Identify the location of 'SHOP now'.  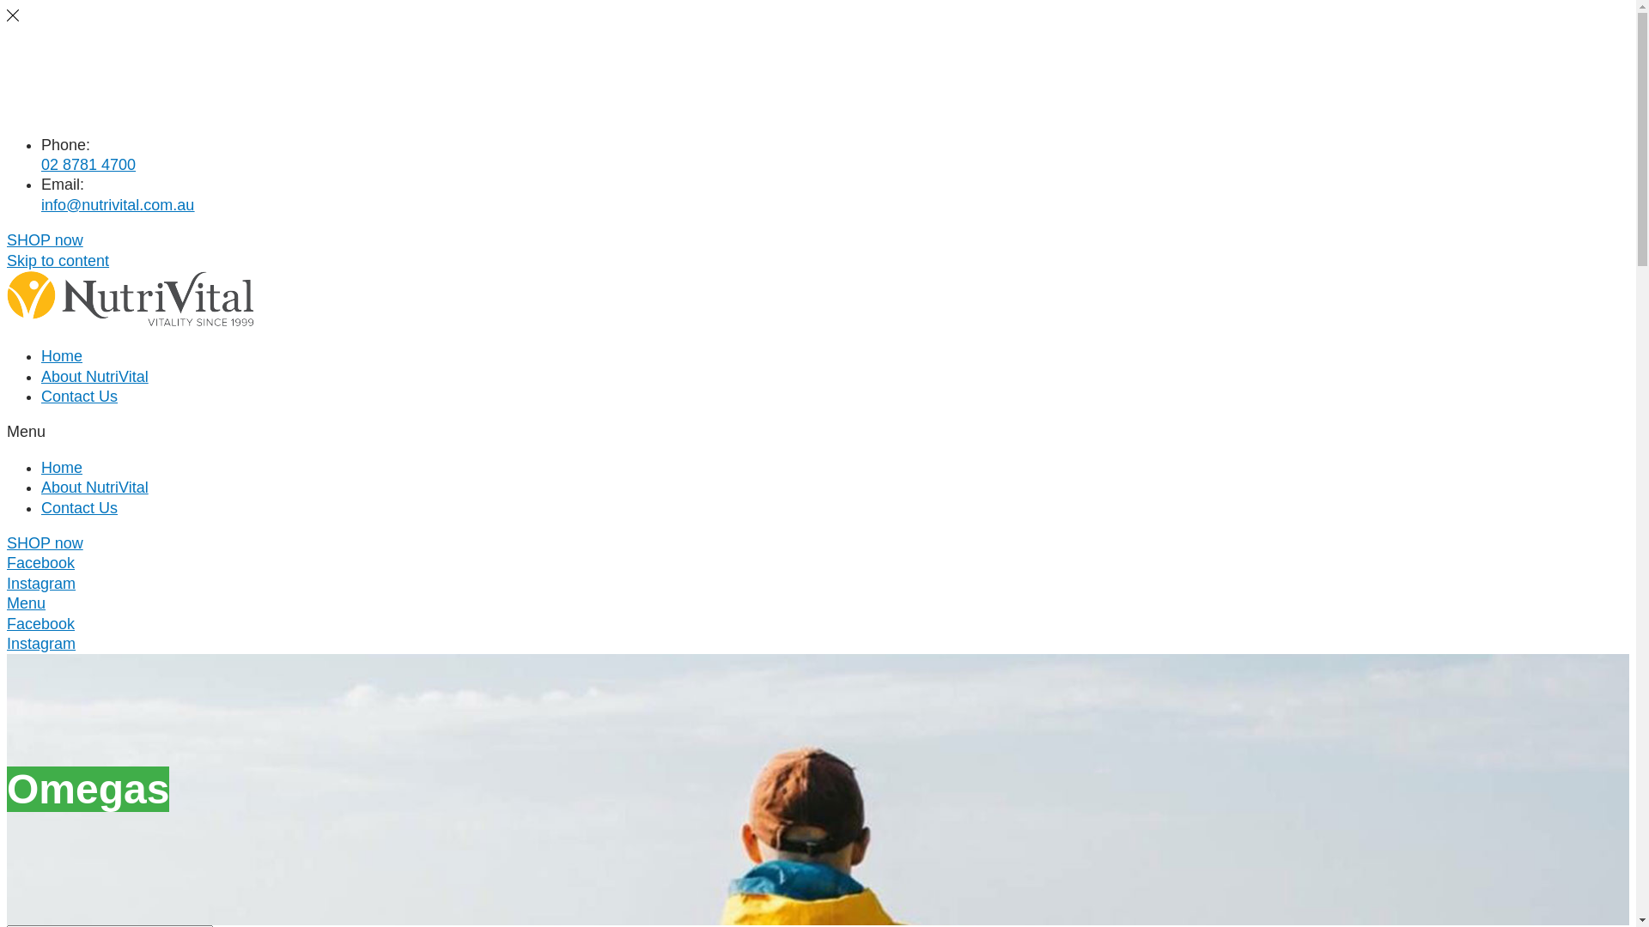
(7, 240).